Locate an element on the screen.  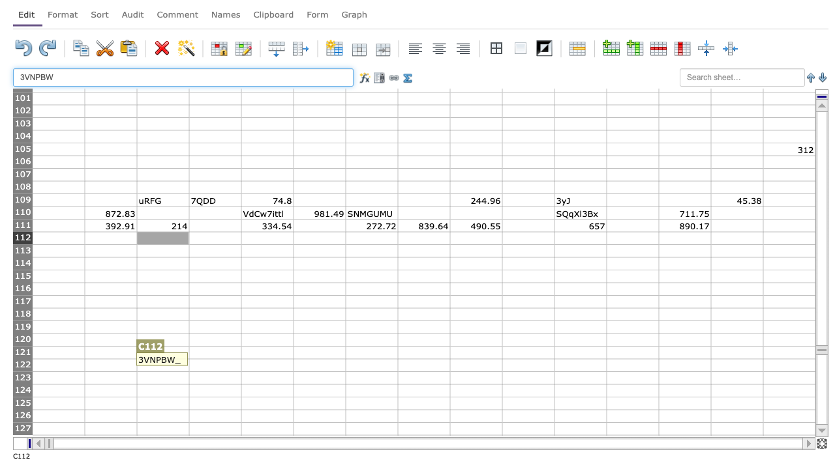
E122 is located at coordinates (266, 365).